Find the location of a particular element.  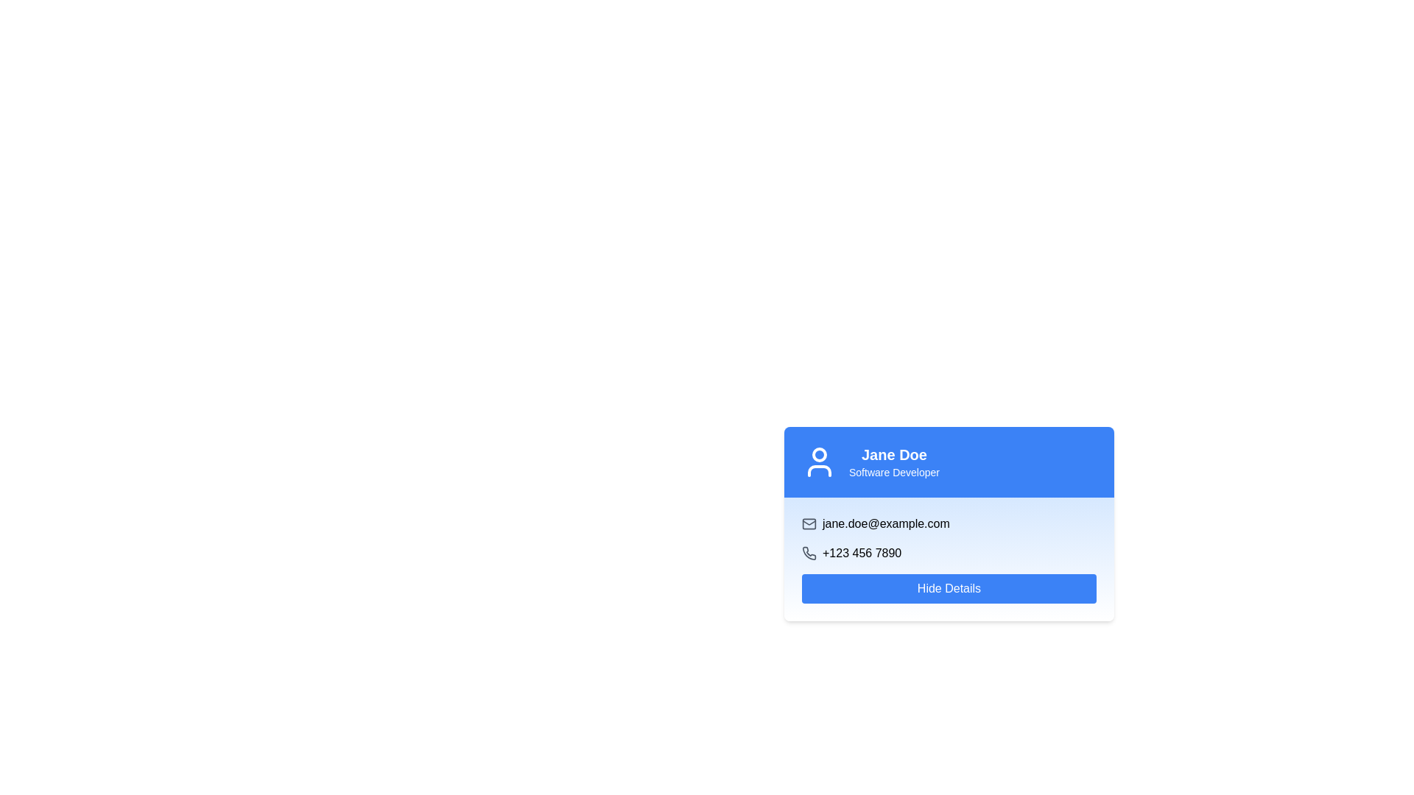

the text displaying the user's contact phone number, which is positioned to the right of the phone icon and below the email address row in the user profile card is located at coordinates (862, 554).